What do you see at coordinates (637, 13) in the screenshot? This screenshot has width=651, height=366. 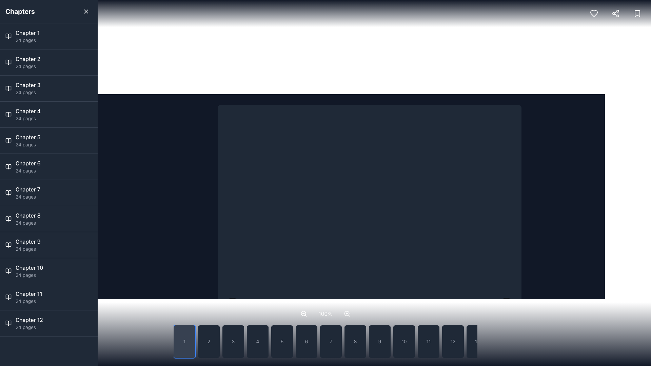 I see `the bookmarking button located in the top-right corner of the interface` at bounding box center [637, 13].